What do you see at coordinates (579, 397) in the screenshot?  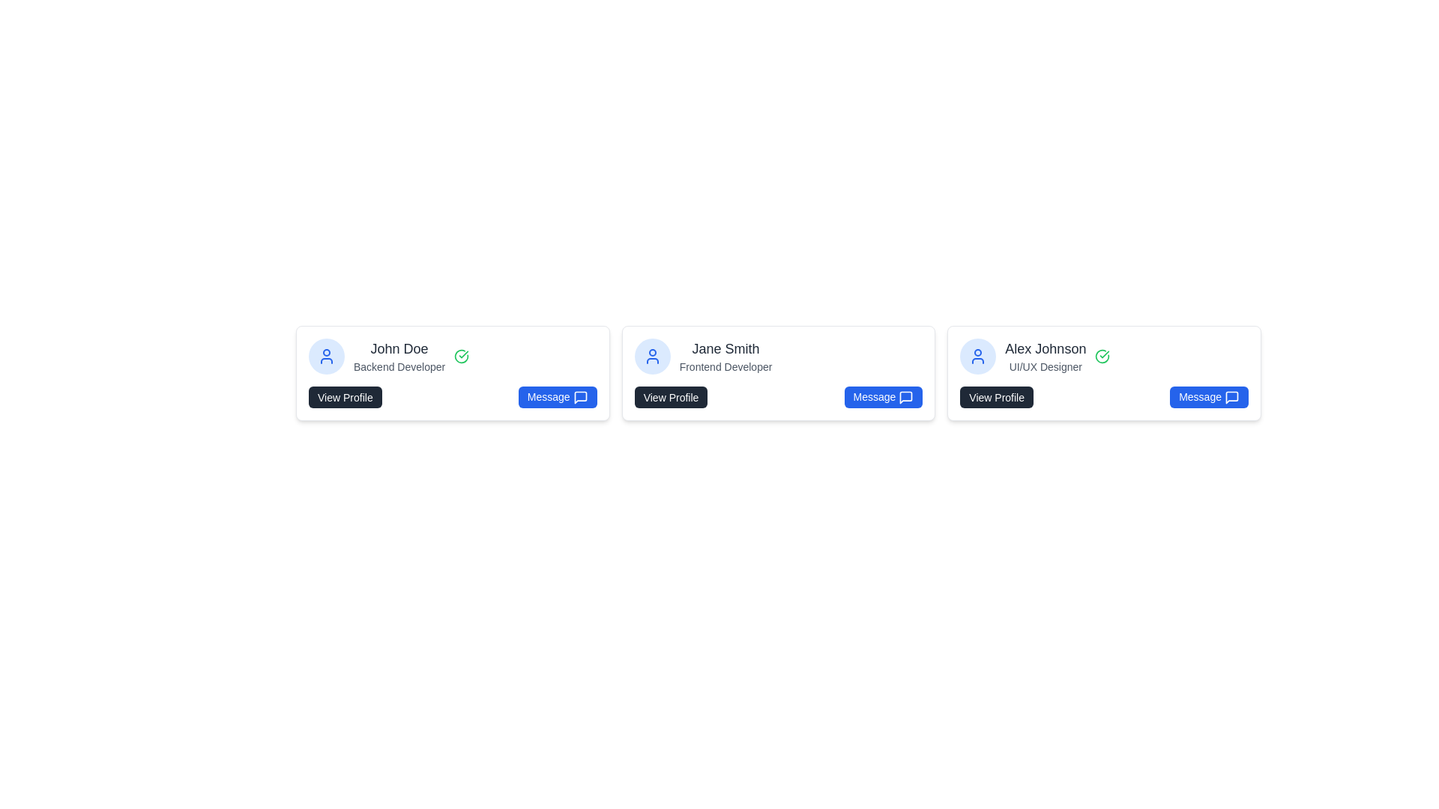 I see `the messaging icon located within the 'Message' button at the bottom-right corner of John Doe's profile card` at bounding box center [579, 397].